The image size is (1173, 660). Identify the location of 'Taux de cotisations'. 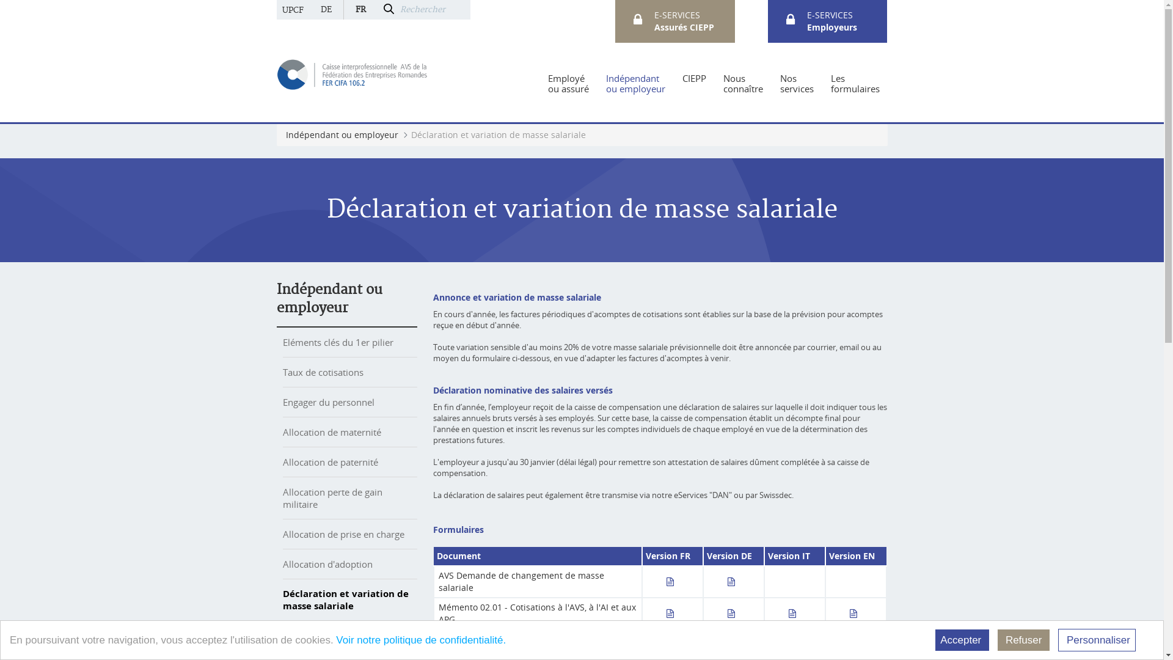
(323, 372).